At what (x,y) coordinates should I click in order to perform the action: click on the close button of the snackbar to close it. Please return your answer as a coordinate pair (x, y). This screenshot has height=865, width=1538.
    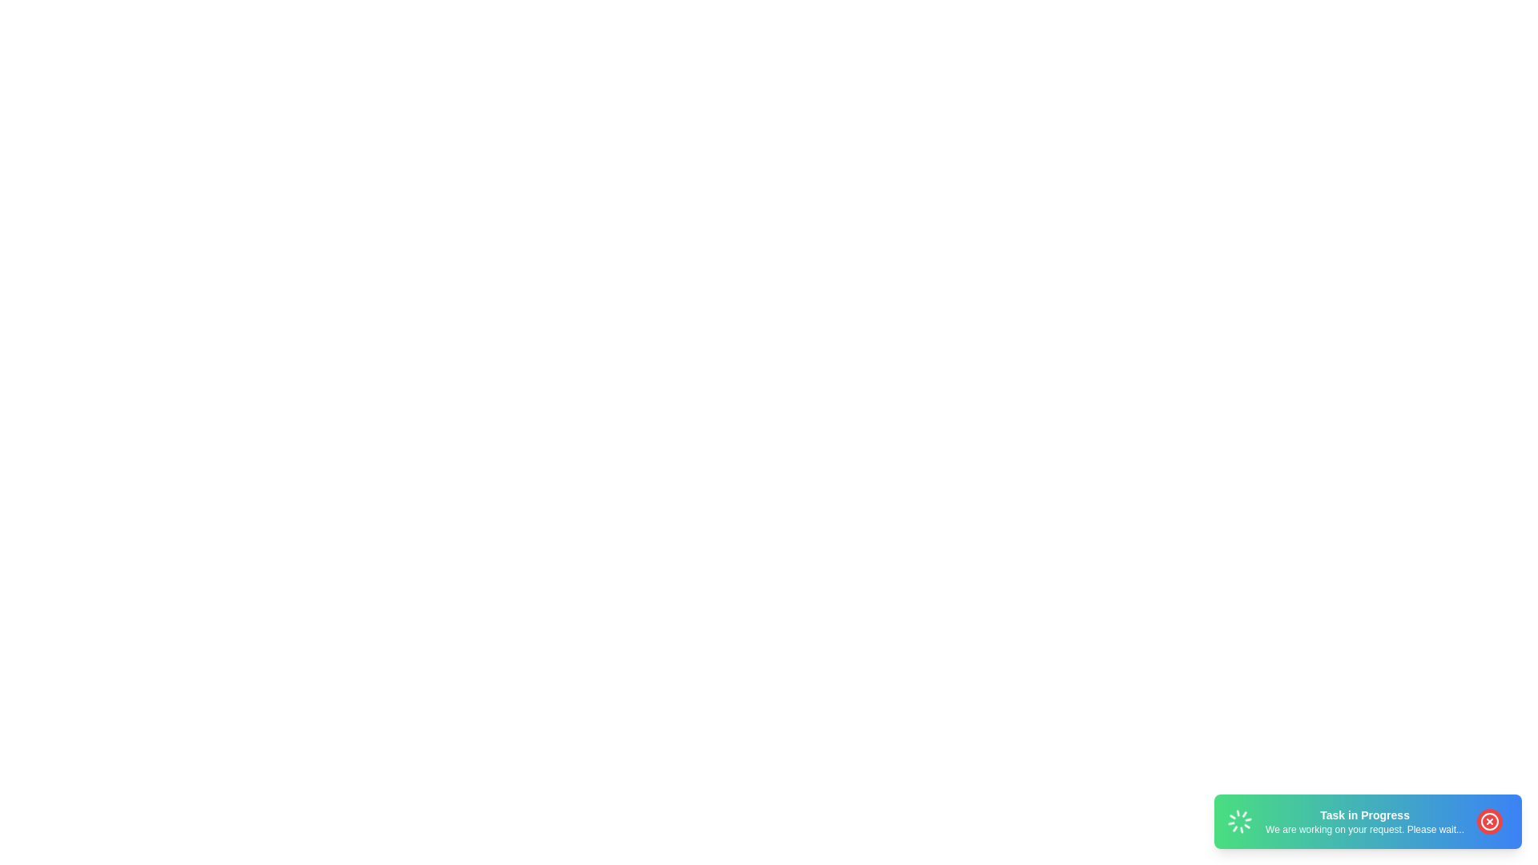
    Looking at the image, I should click on (1489, 822).